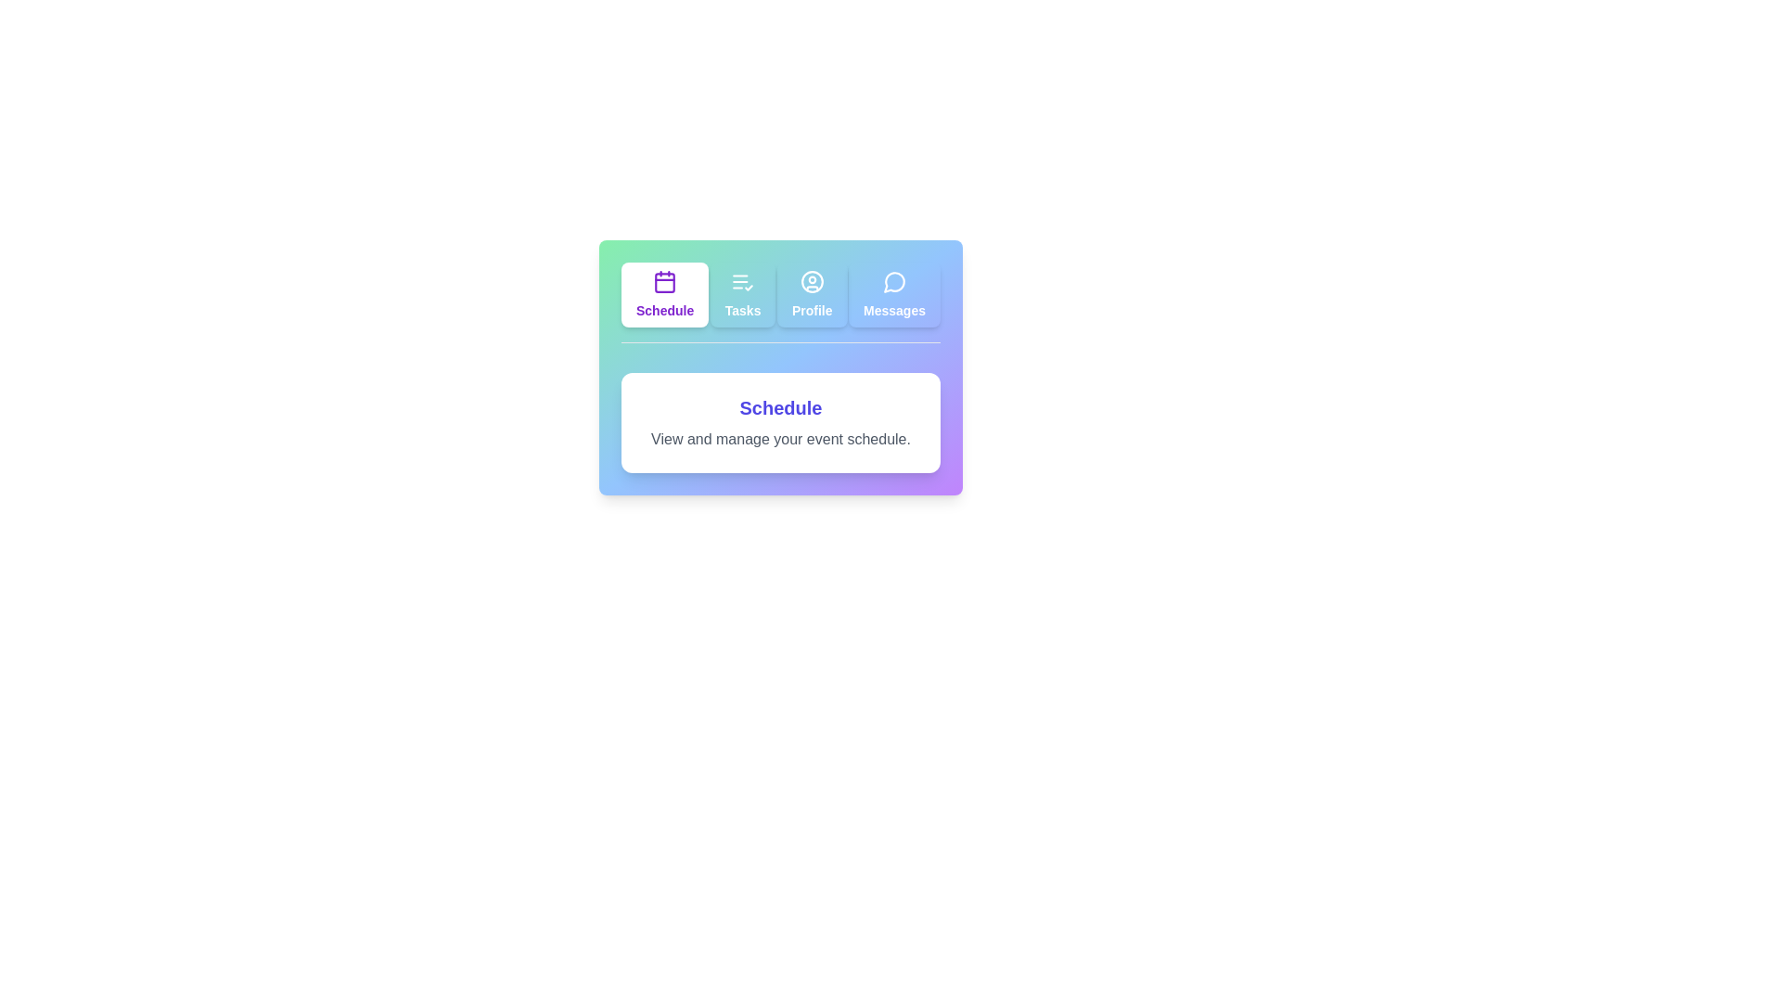 The height and width of the screenshot is (1002, 1781). I want to click on the tab labeled Tasks to select it, so click(743, 293).